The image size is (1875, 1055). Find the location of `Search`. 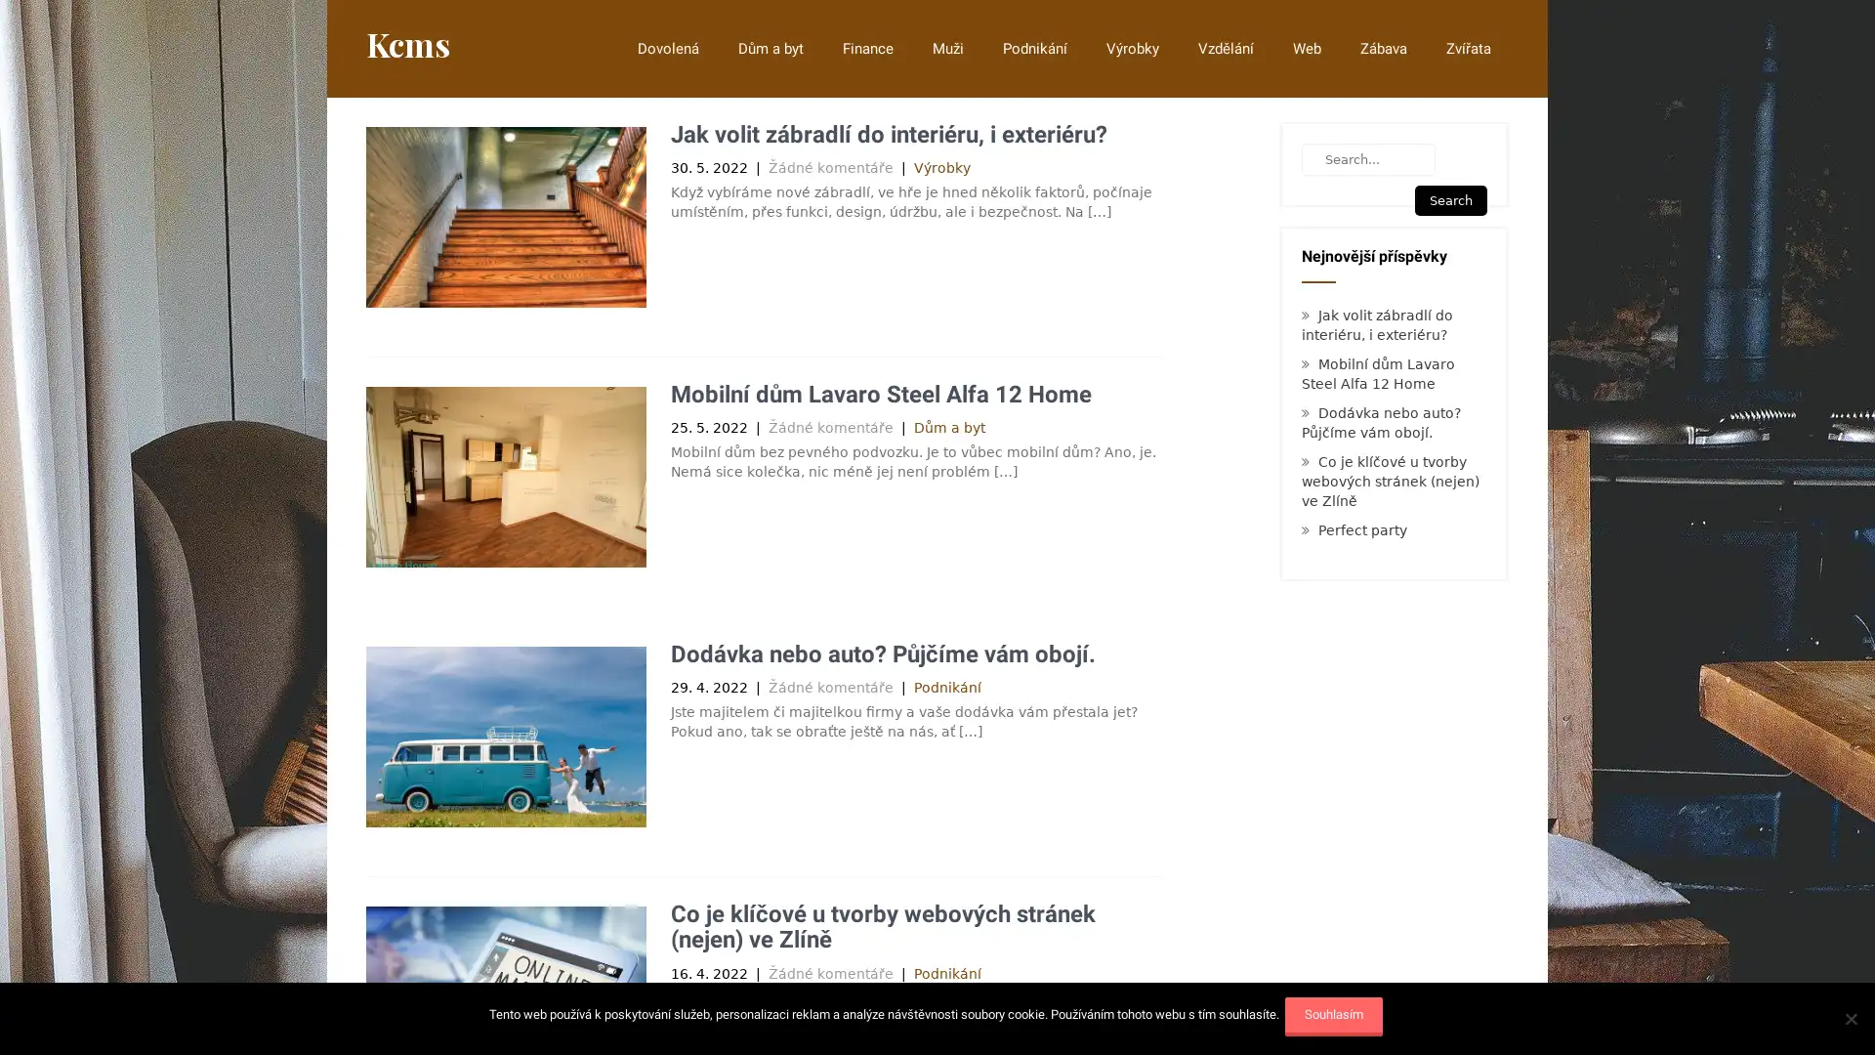

Search is located at coordinates (1451, 200).